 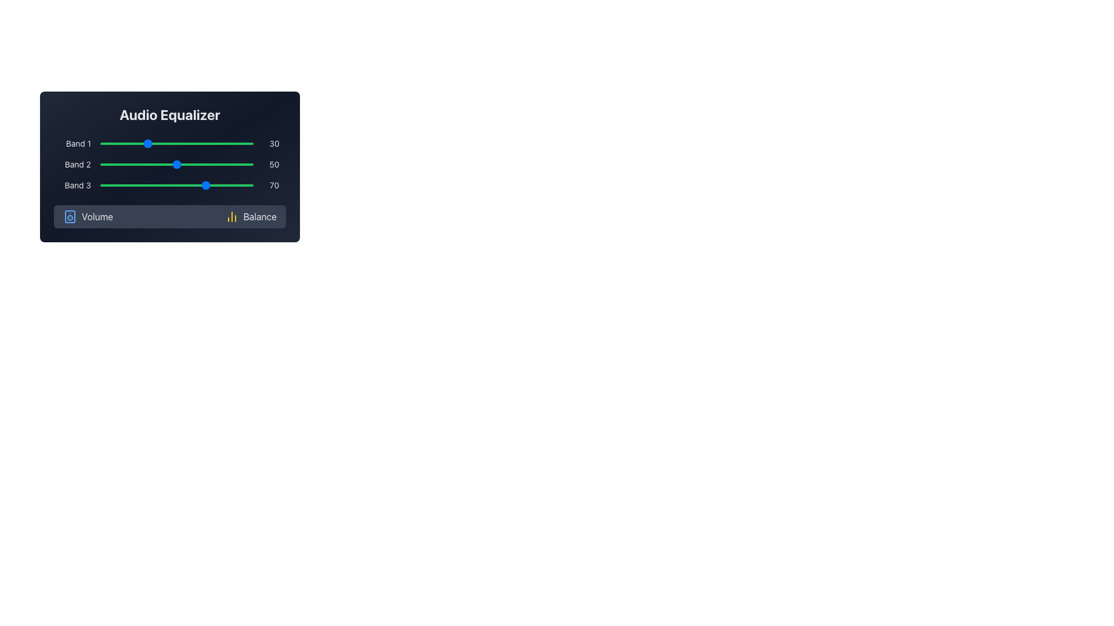 What do you see at coordinates (176, 143) in the screenshot?
I see `the track of the range slider for 'Band 1' to move the thumb` at bounding box center [176, 143].